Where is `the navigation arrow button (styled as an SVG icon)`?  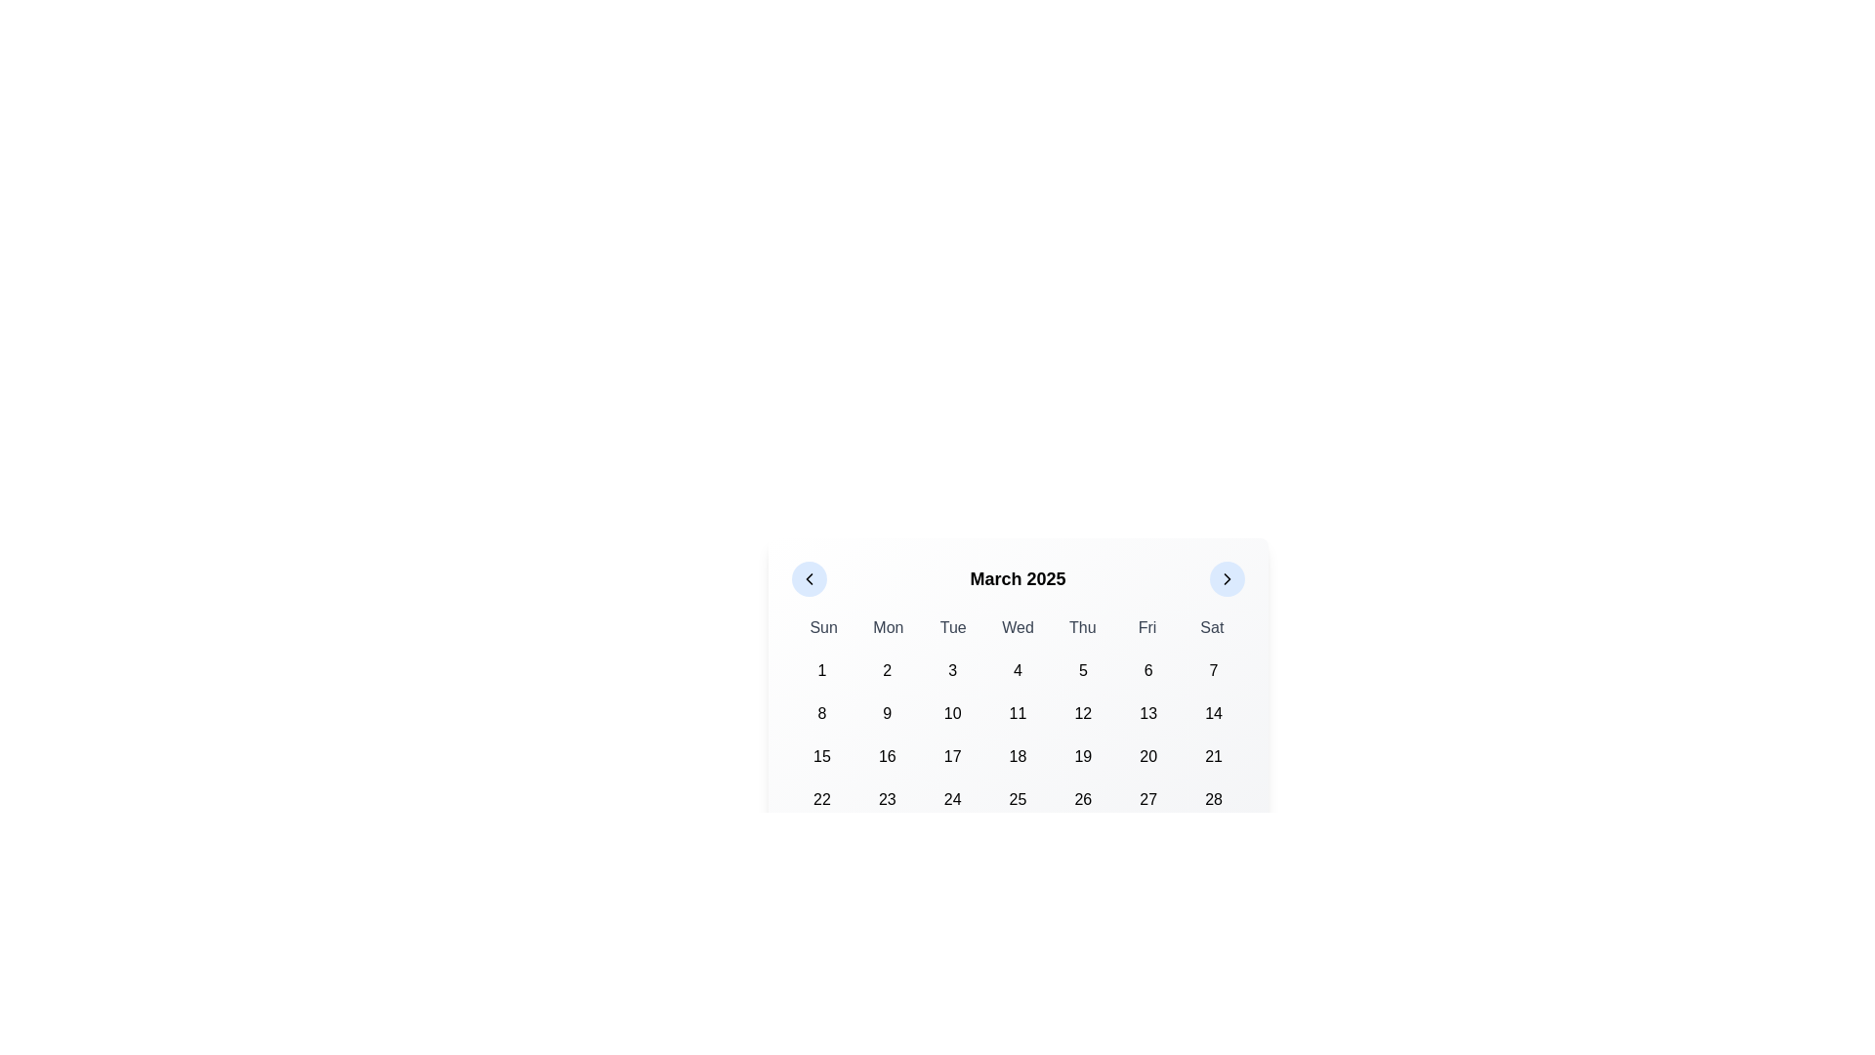 the navigation arrow button (styled as an SVG icon) is located at coordinates (809, 578).